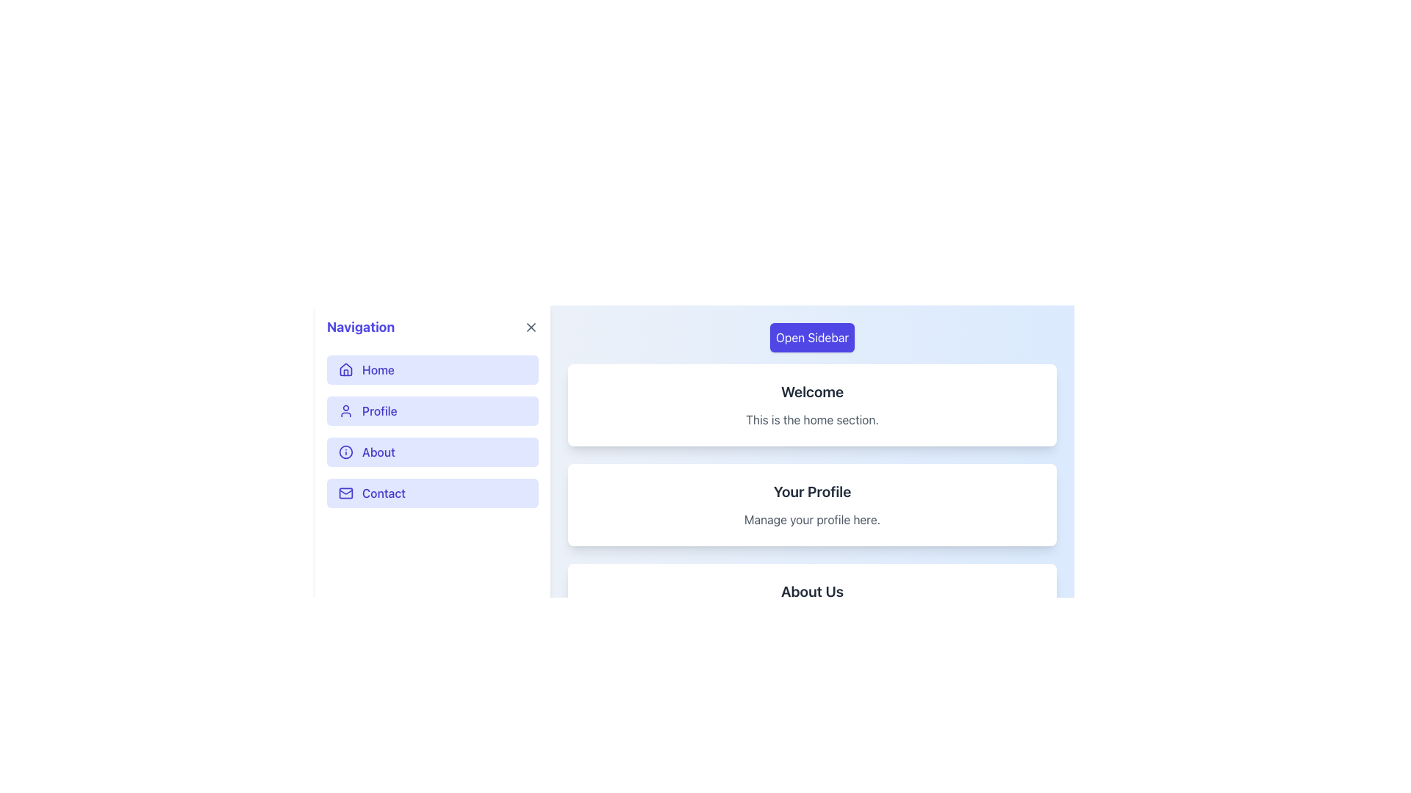 This screenshot has width=1411, height=793. What do you see at coordinates (345, 492) in the screenshot?
I see `the slanted line graphic within the mail-shaped icon located at the bottom of the navigation menu, next to the 'Contact' label` at bounding box center [345, 492].